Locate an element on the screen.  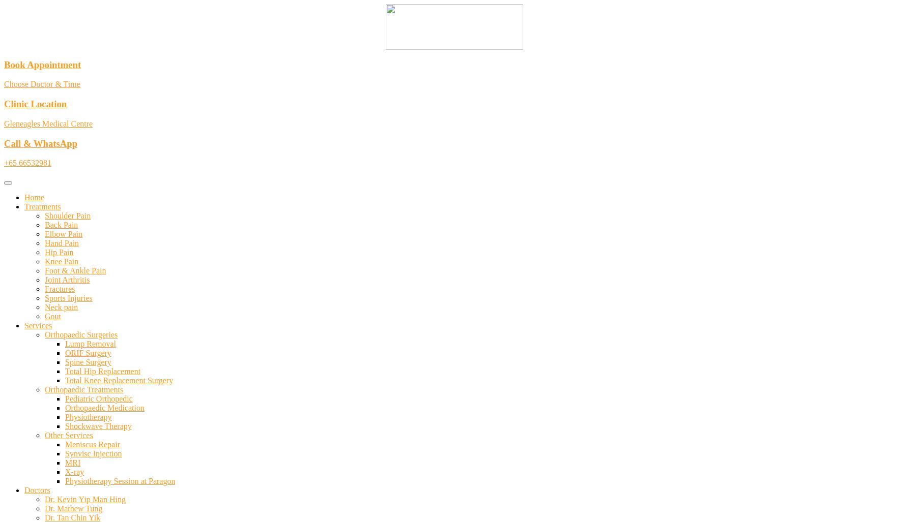
'Pediatric Orthopedic' is located at coordinates (98, 398).